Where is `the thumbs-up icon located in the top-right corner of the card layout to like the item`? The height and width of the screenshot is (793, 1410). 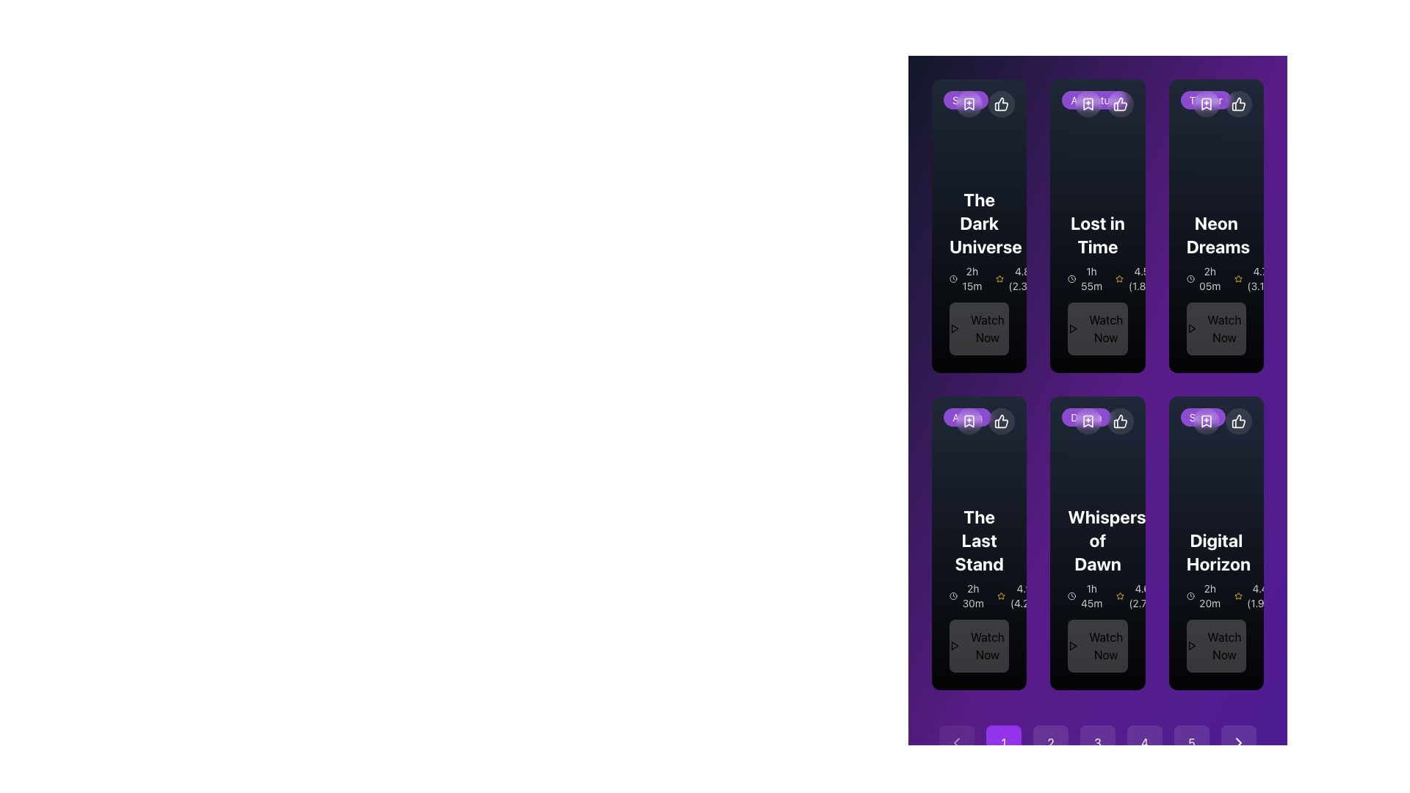 the thumbs-up icon located in the top-right corner of the card layout to like the item is located at coordinates (1119, 104).